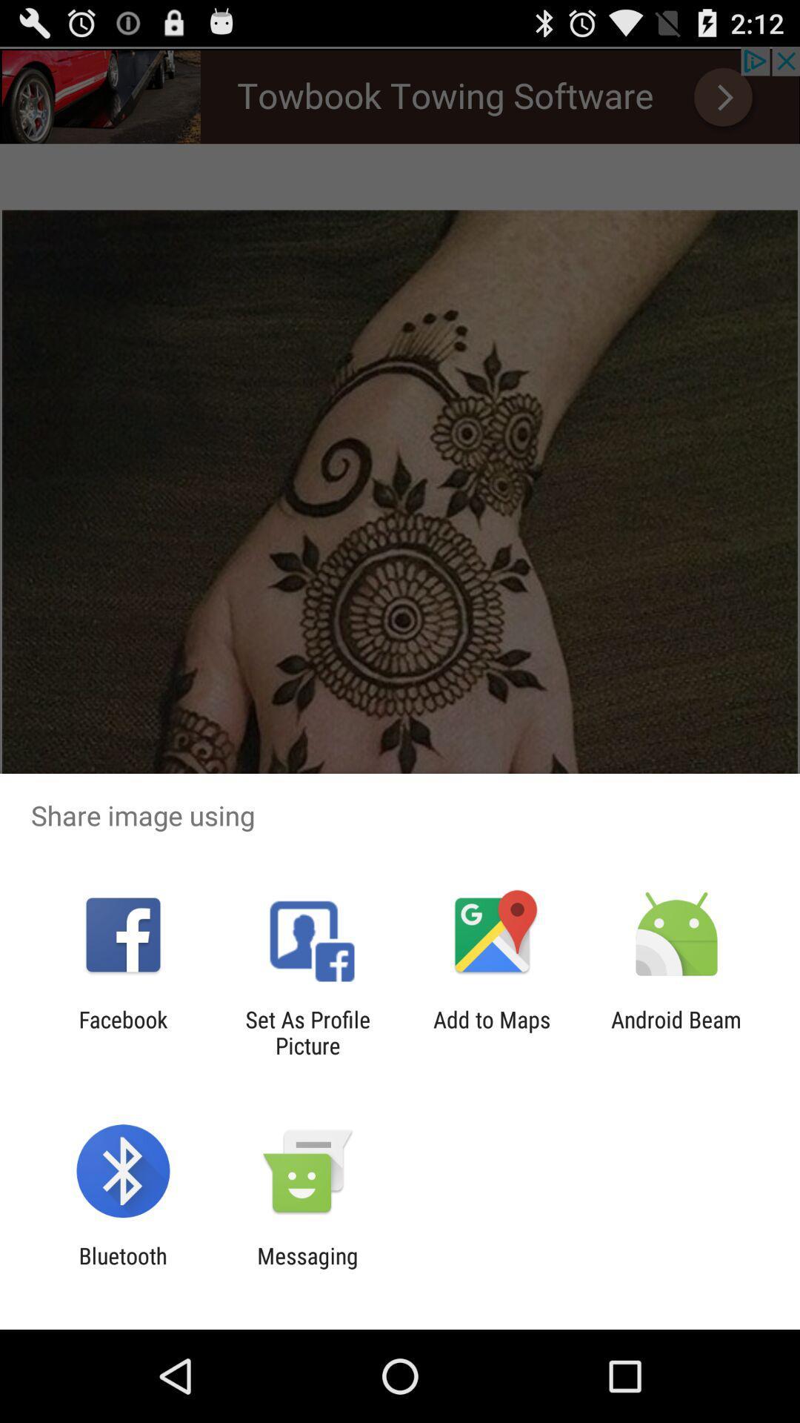  Describe the element at coordinates (122, 1032) in the screenshot. I see `facebook item` at that location.